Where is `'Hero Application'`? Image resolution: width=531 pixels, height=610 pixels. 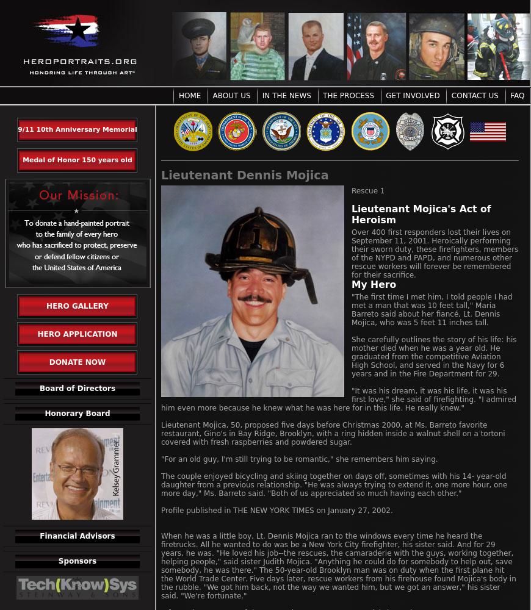 'Hero Application' is located at coordinates (76, 334).